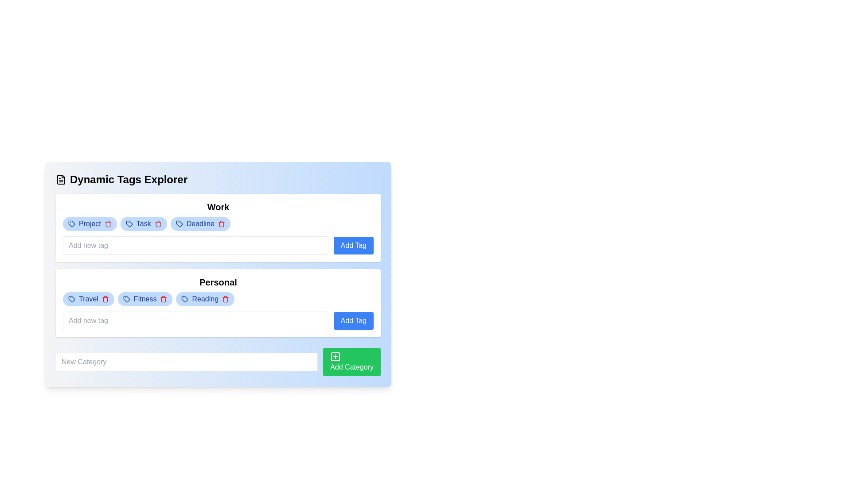 Image resolution: width=851 pixels, height=478 pixels. I want to click on the input field within the 'Add new tag' composite UI component located under the 'Personal' section to type a new tag, so click(218, 321).